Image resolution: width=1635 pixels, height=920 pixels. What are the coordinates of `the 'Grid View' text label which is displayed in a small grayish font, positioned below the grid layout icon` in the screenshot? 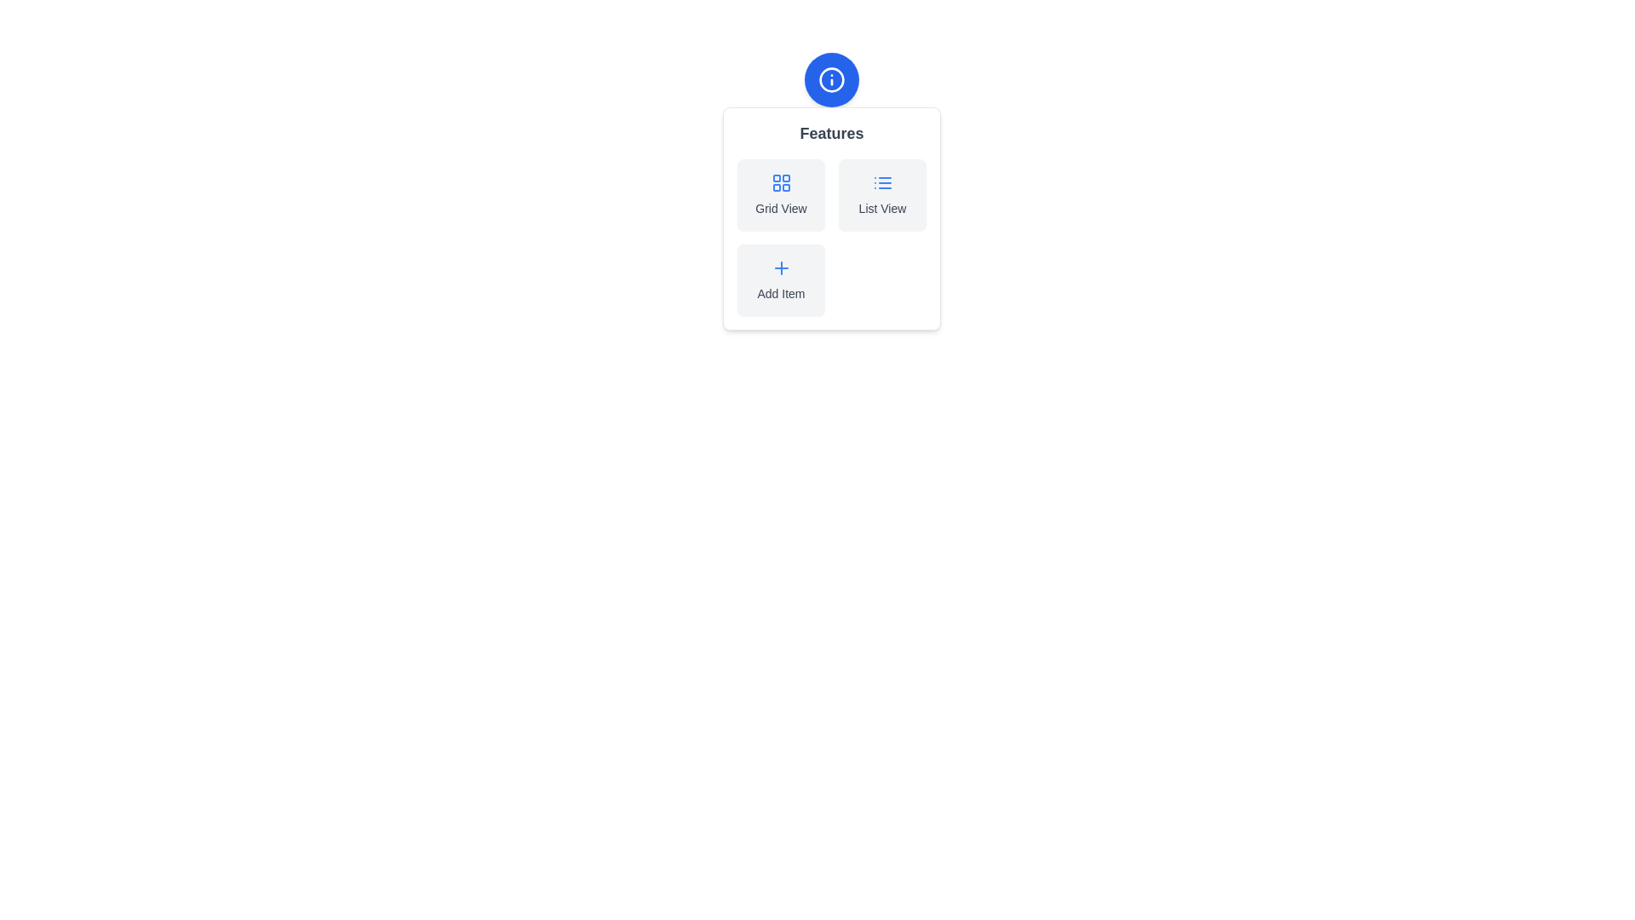 It's located at (780, 208).